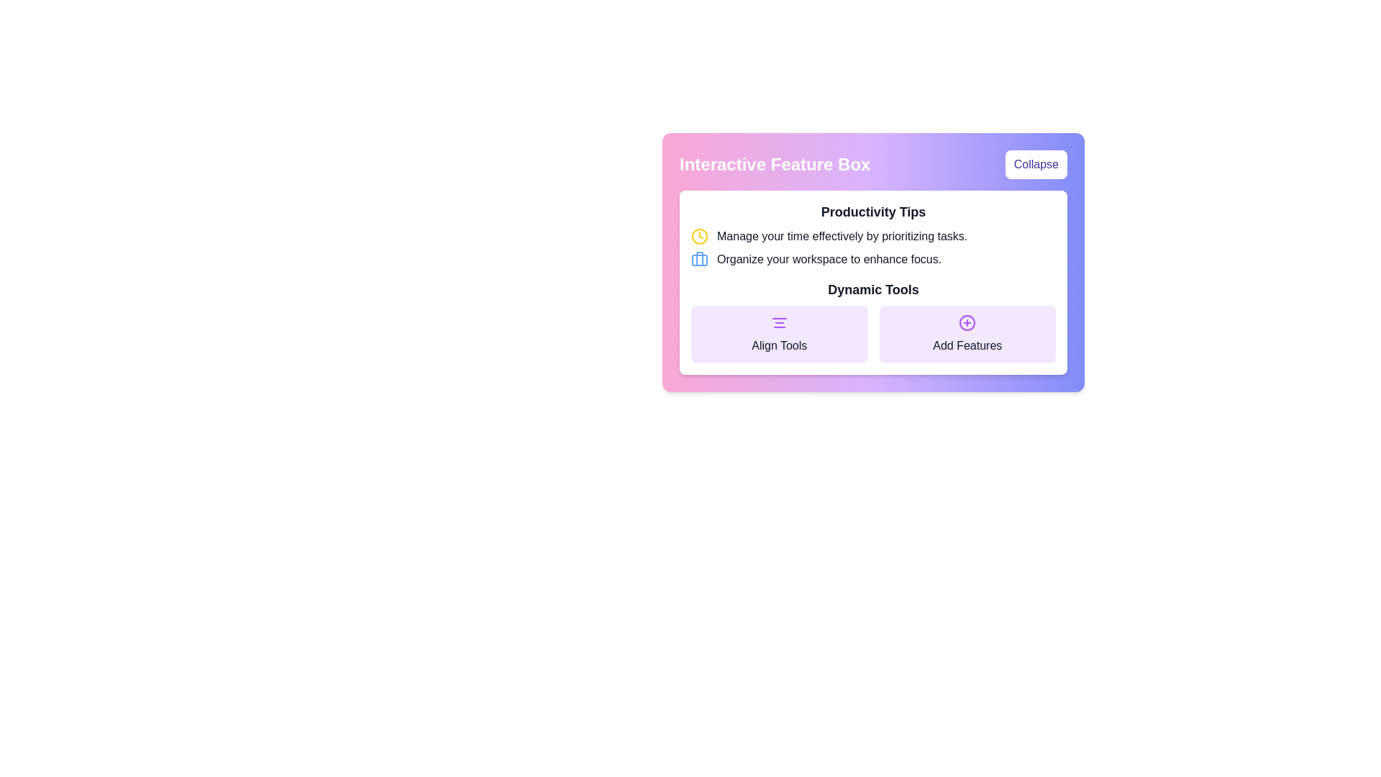 Image resolution: width=1381 pixels, height=777 pixels. I want to click on the button located in the bottom-right section of the grid layout under the 'Dynamic Tools' heading, adjacent to 'Align Tools', to interact with it via keyboard navigation, so click(967, 335).